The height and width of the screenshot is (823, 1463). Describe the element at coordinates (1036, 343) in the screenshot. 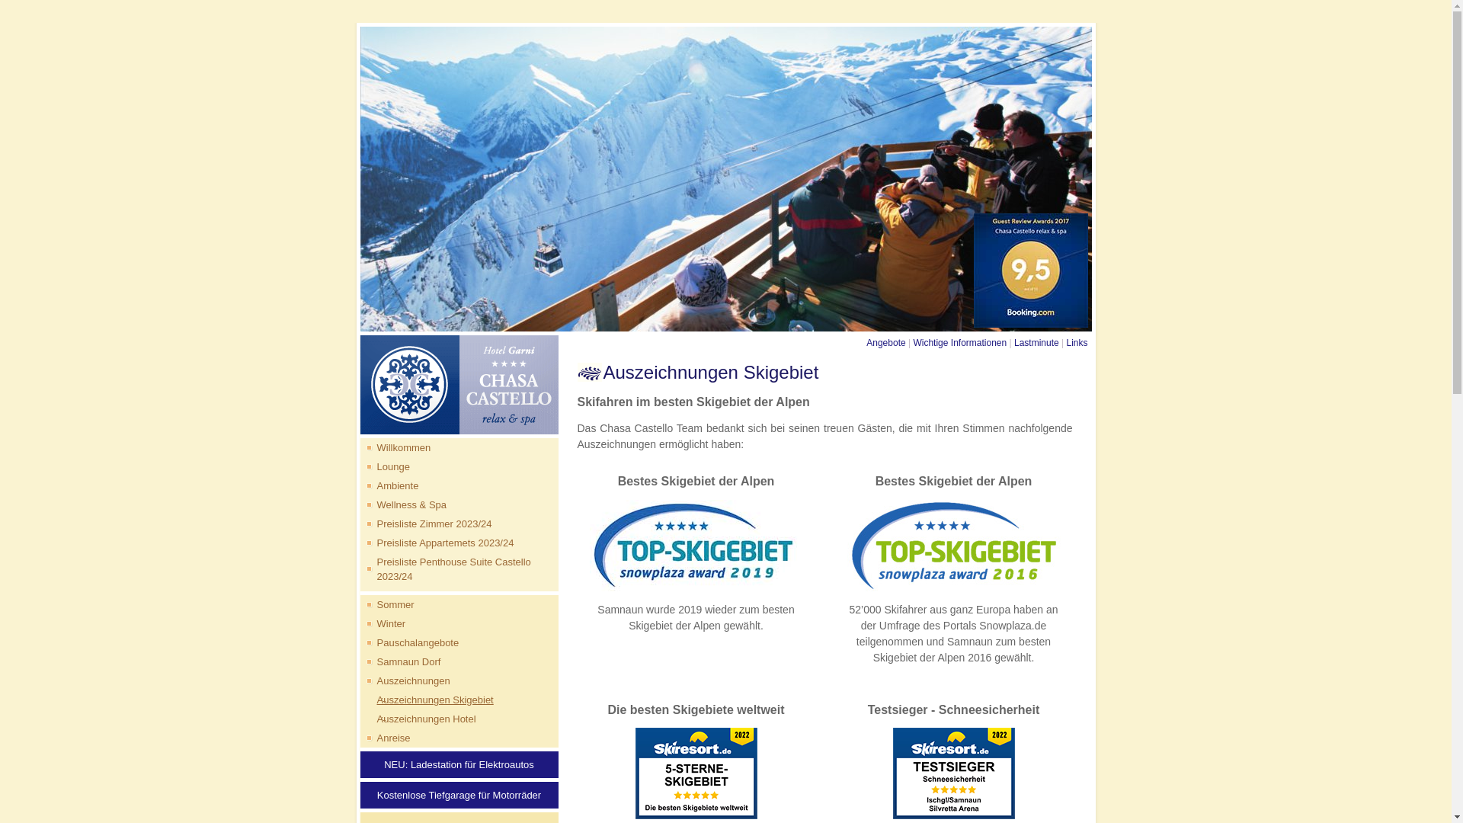

I see `'Lastminute'` at that location.